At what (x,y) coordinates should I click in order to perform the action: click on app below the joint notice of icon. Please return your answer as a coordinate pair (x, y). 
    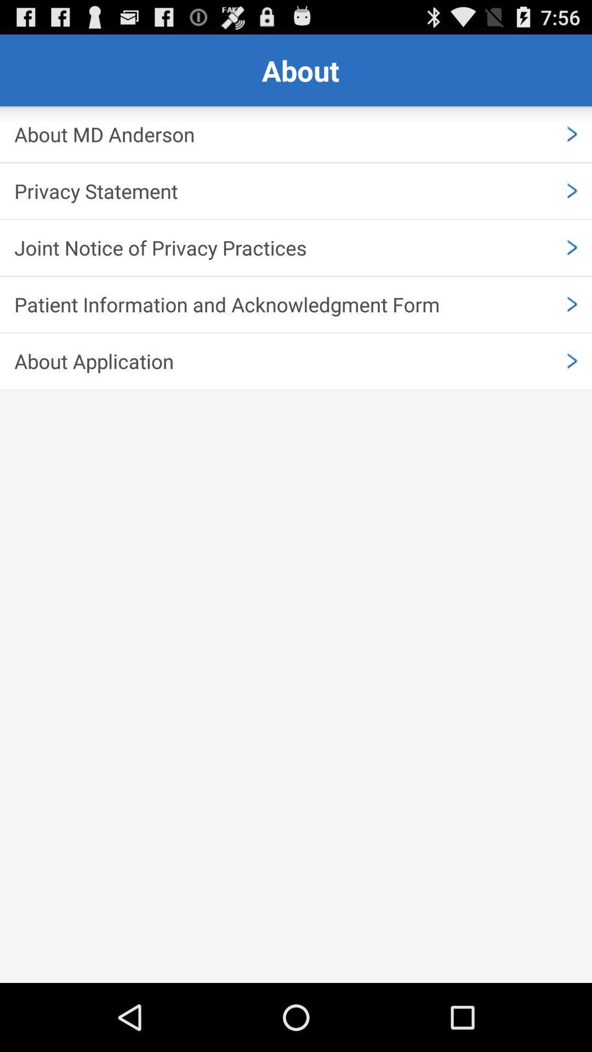
    Looking at the image, I should click on (296, 304).